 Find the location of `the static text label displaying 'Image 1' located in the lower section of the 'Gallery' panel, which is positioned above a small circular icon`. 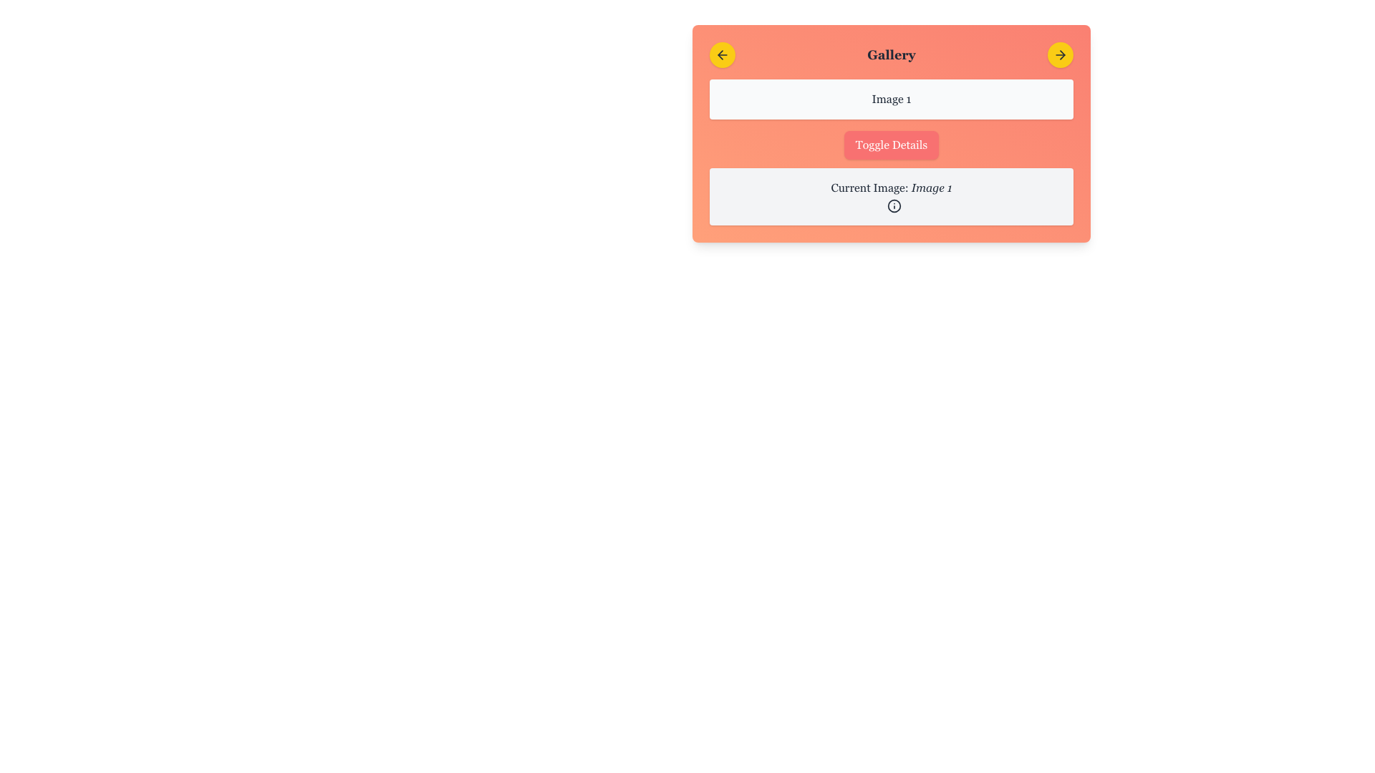

the static text label displaying 'Image 1' located in the lower section of the 'Gallery' panel, which is positioned above a small circular icon is located at coordinates (890, 187).